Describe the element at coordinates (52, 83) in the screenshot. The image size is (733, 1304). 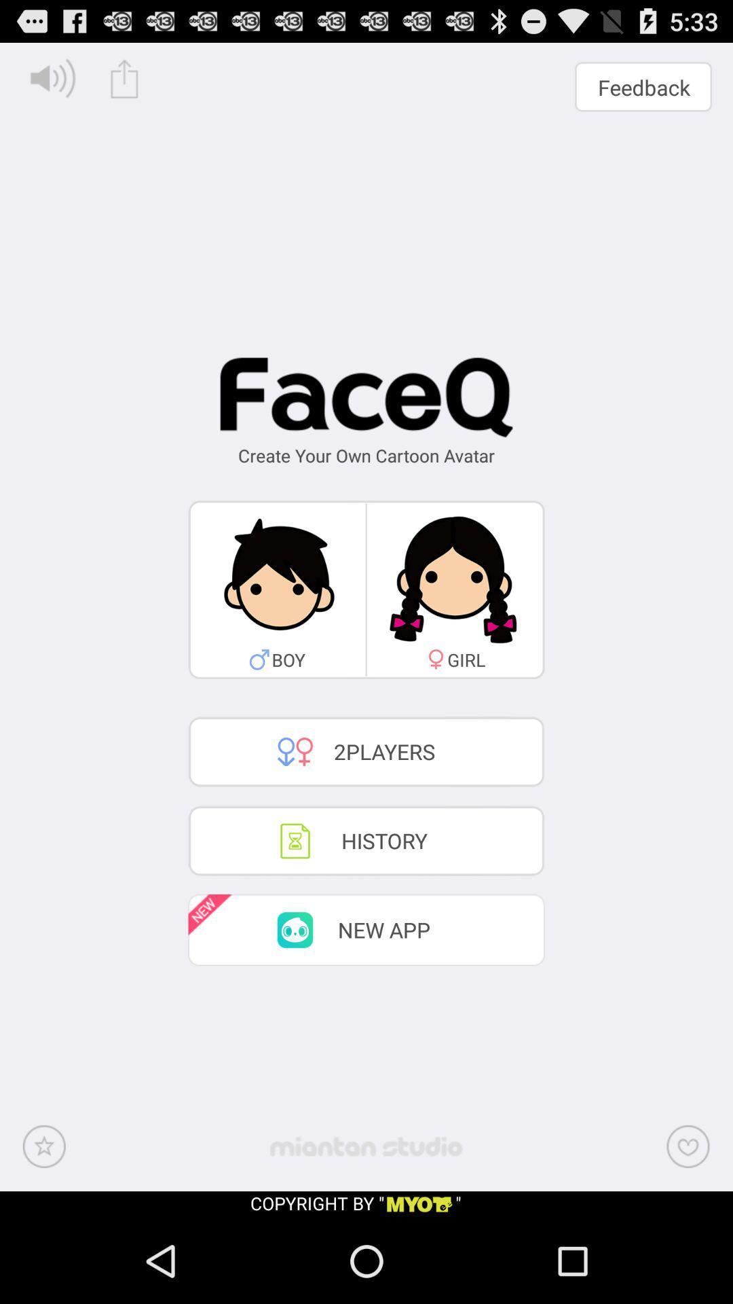
I see `the volume icon` at that location.